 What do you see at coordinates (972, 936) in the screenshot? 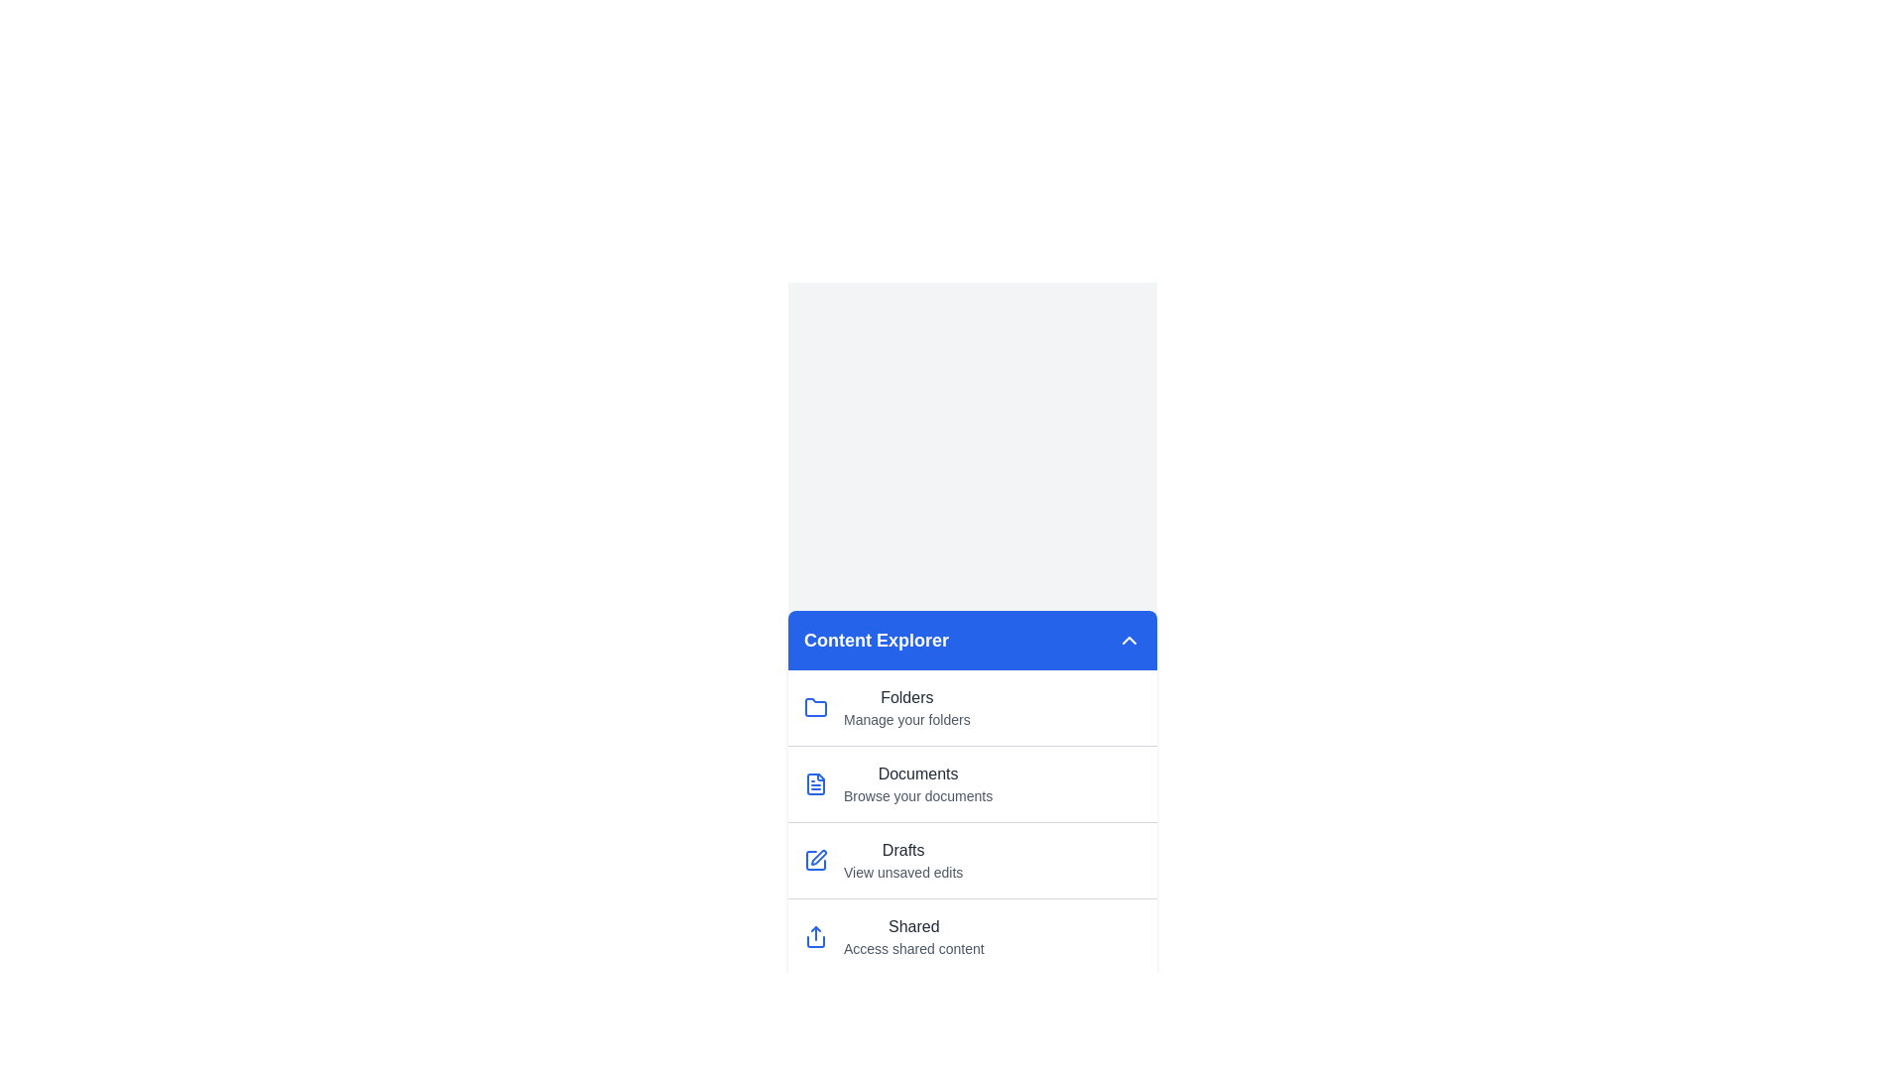
I see `the menu item corresponding to Shared` at bounding box center [972, 936].